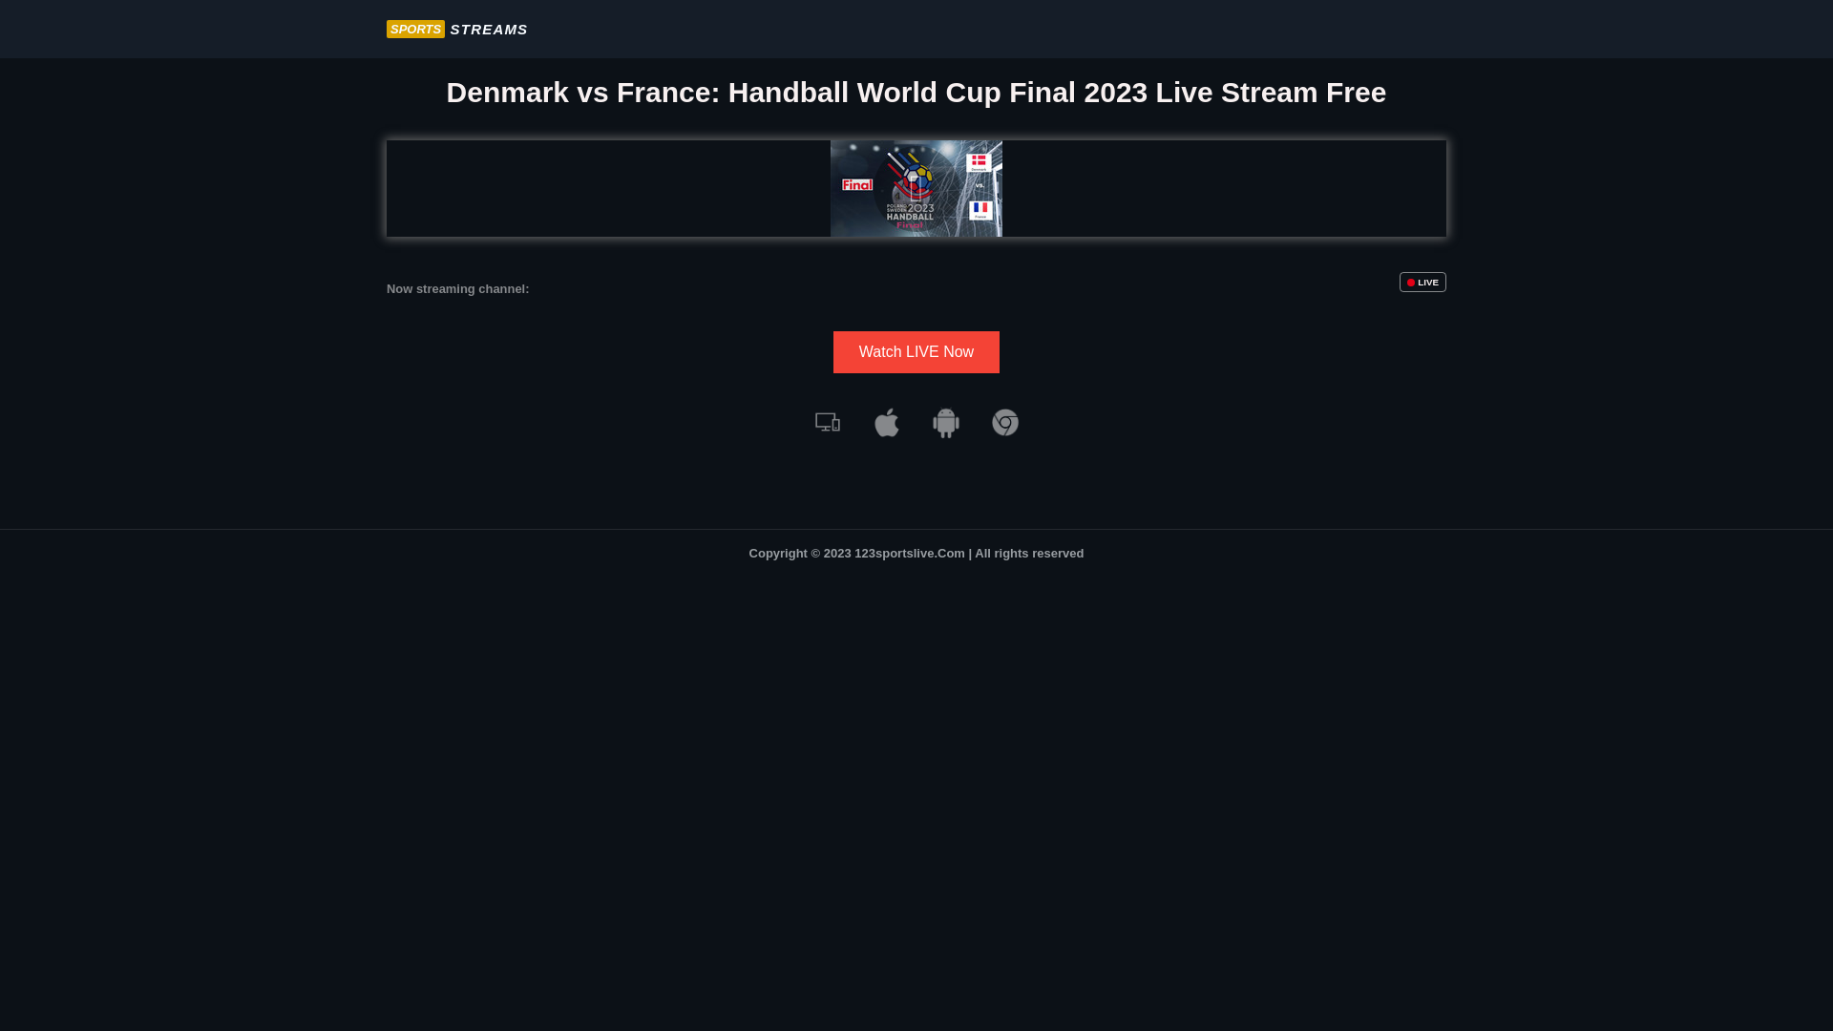 The height and width of the screenshot is (1031, 1833). Describe the element at coordinates (916, 352) in the screenshot. I see `'Watch LIVE Now'` at that location.